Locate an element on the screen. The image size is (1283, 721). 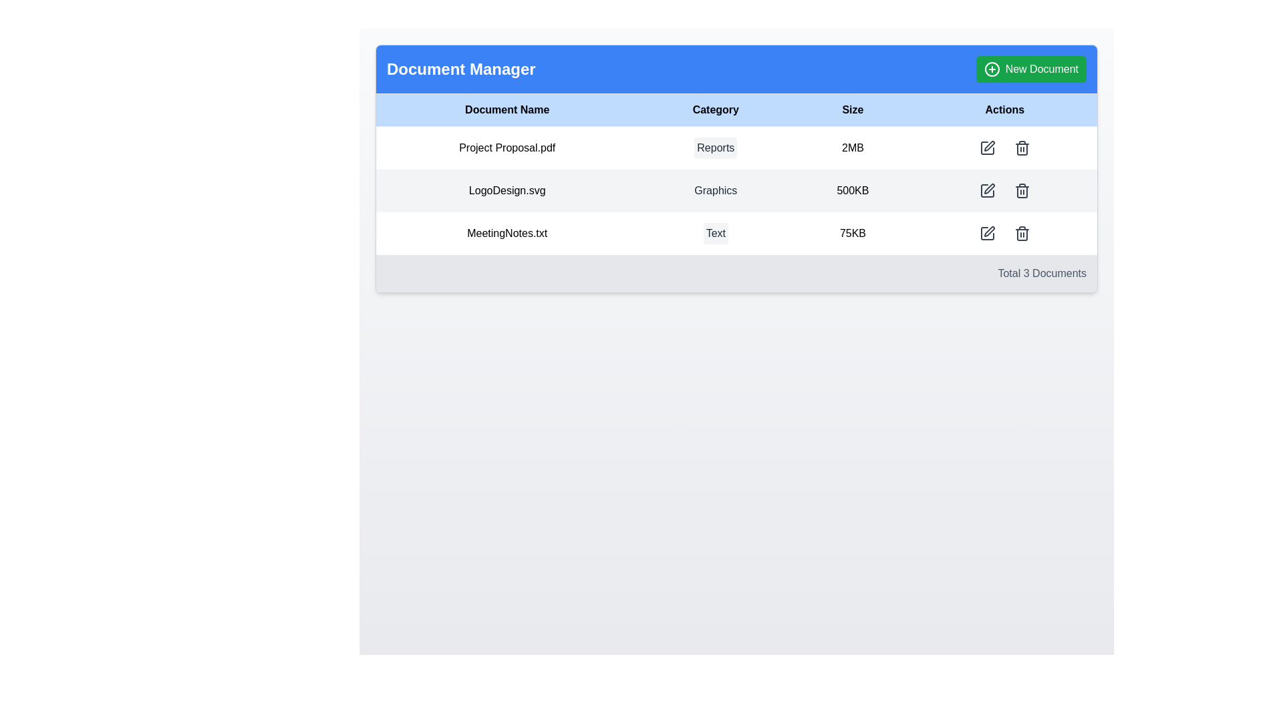
the Control Panel element located in the 'Actions' column of the second row corresponding to the file 'LogoDesign.svg' is located at coordinates (1004, 190).